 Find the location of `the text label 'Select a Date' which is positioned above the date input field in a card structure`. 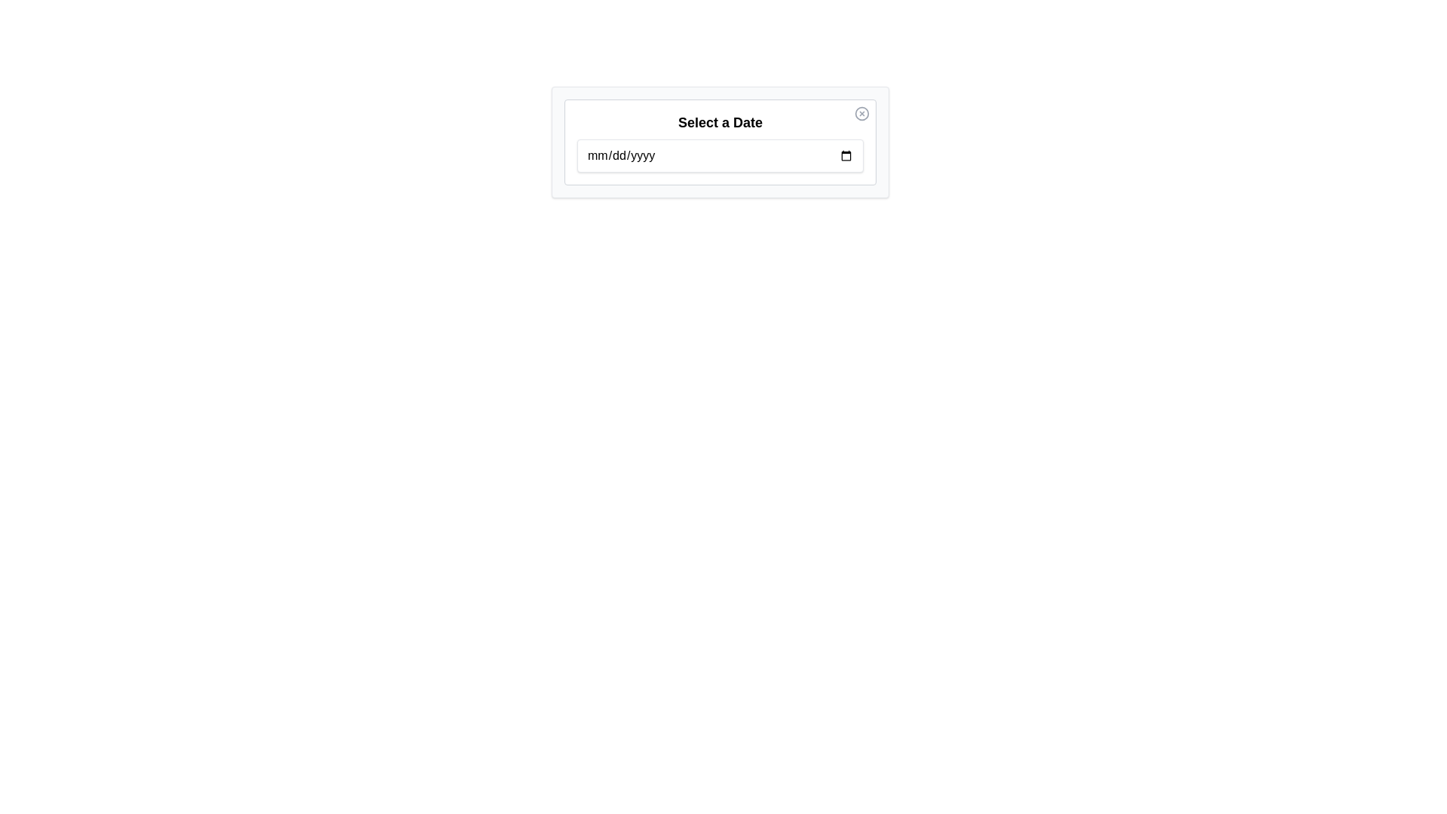

the text label 'Select a Date' which is positioned above the date input field in a card structure is located at coordinates (719, 121).